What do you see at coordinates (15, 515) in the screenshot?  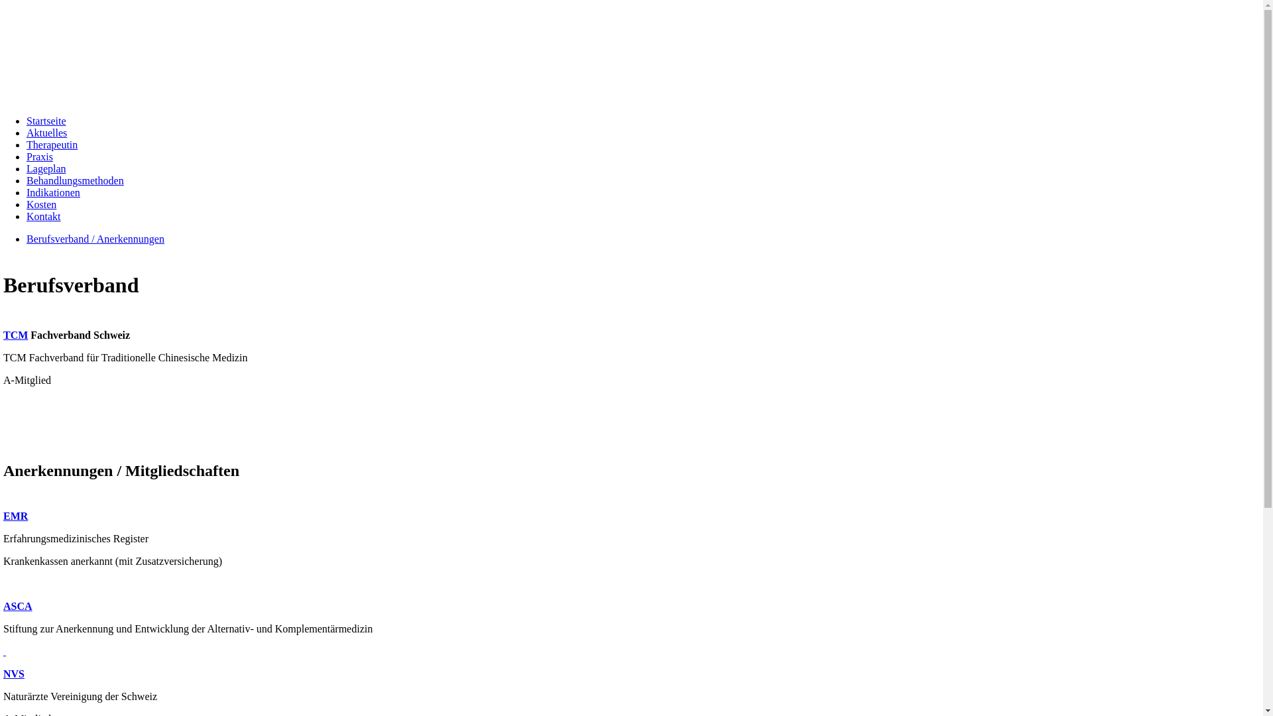 I see `'EMR'` at bounding box center [15, 515].